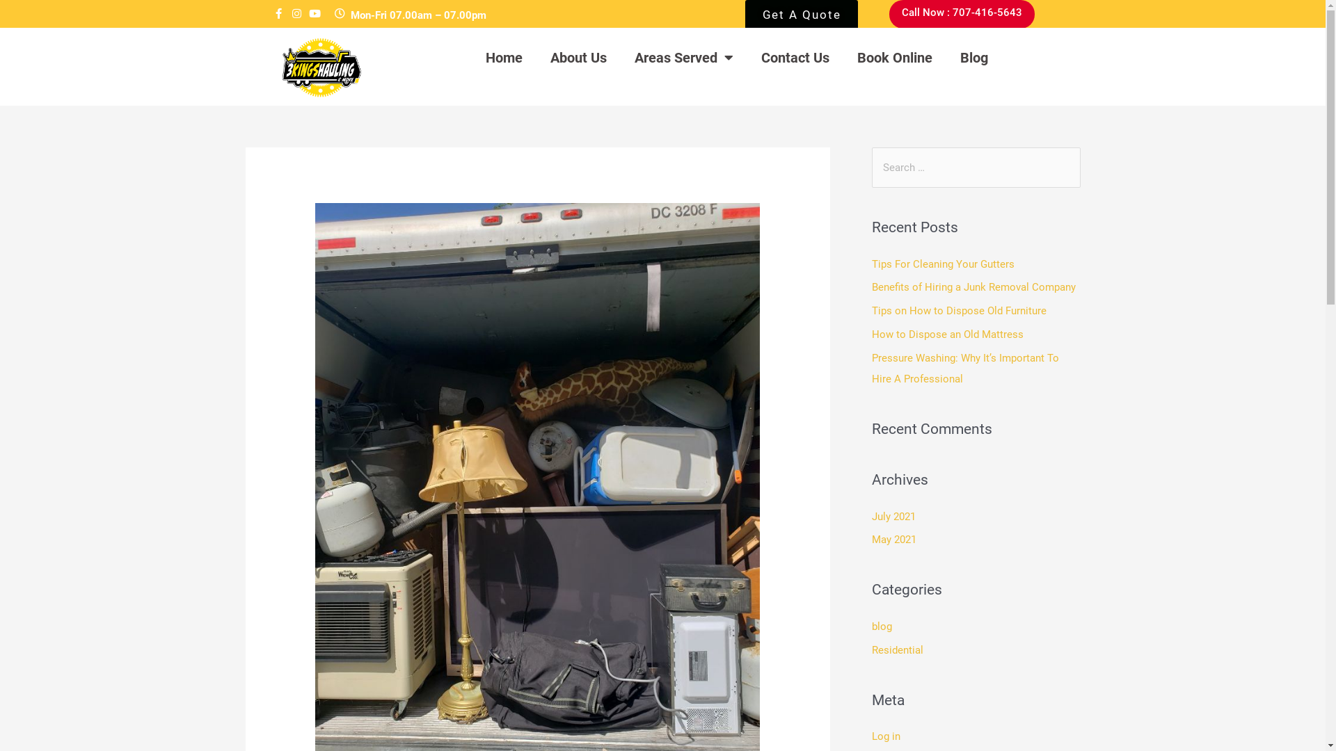  What do you see at coordinates (795, 57) in the screenshot?
I see `'Contact Us'` at bounding box center [795, 57].